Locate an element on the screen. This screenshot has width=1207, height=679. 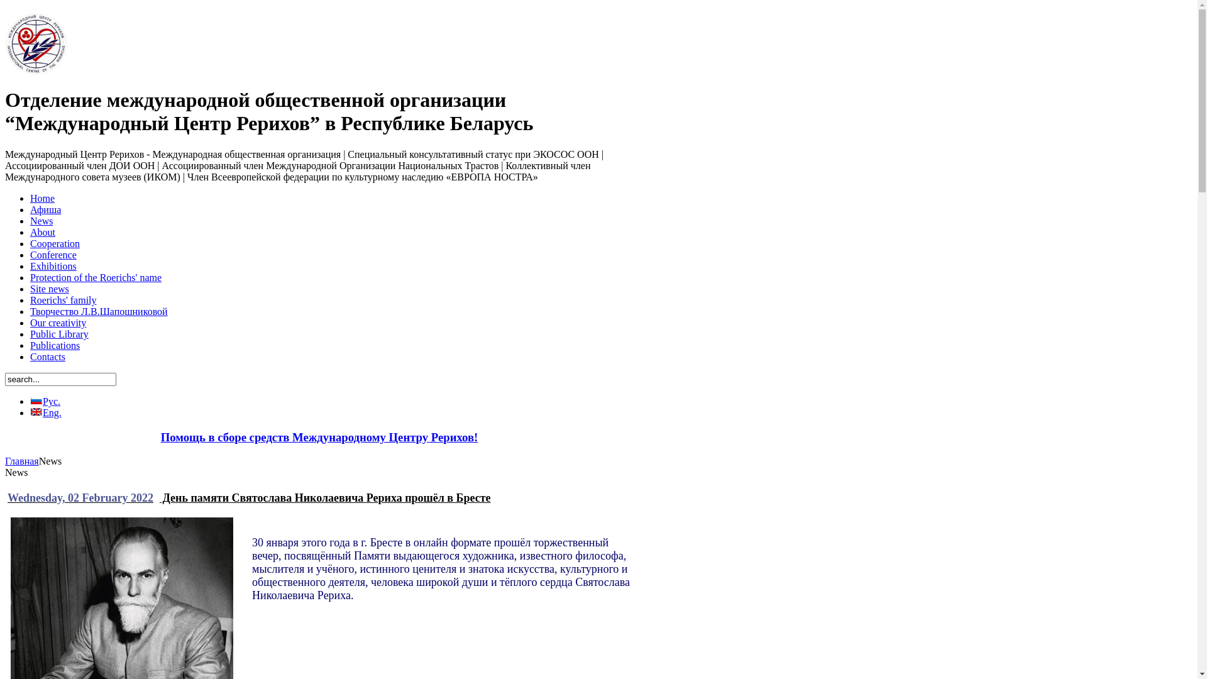
'Our creativity' is located at coordinates (57, 322).